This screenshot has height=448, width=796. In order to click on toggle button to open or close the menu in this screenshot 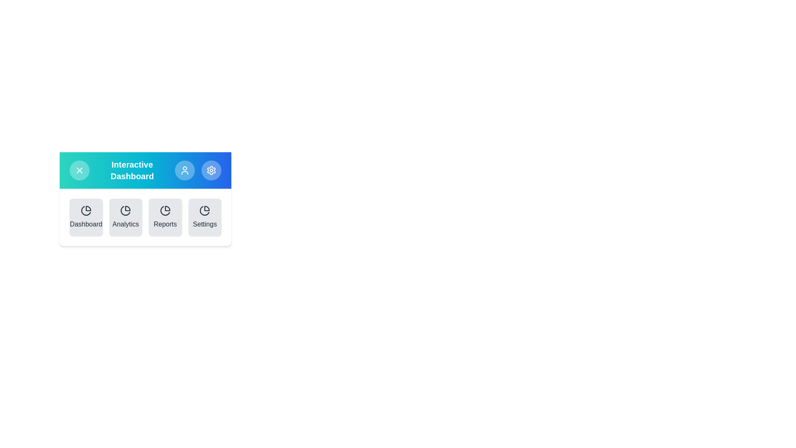, I will do `click(80, 170)`.